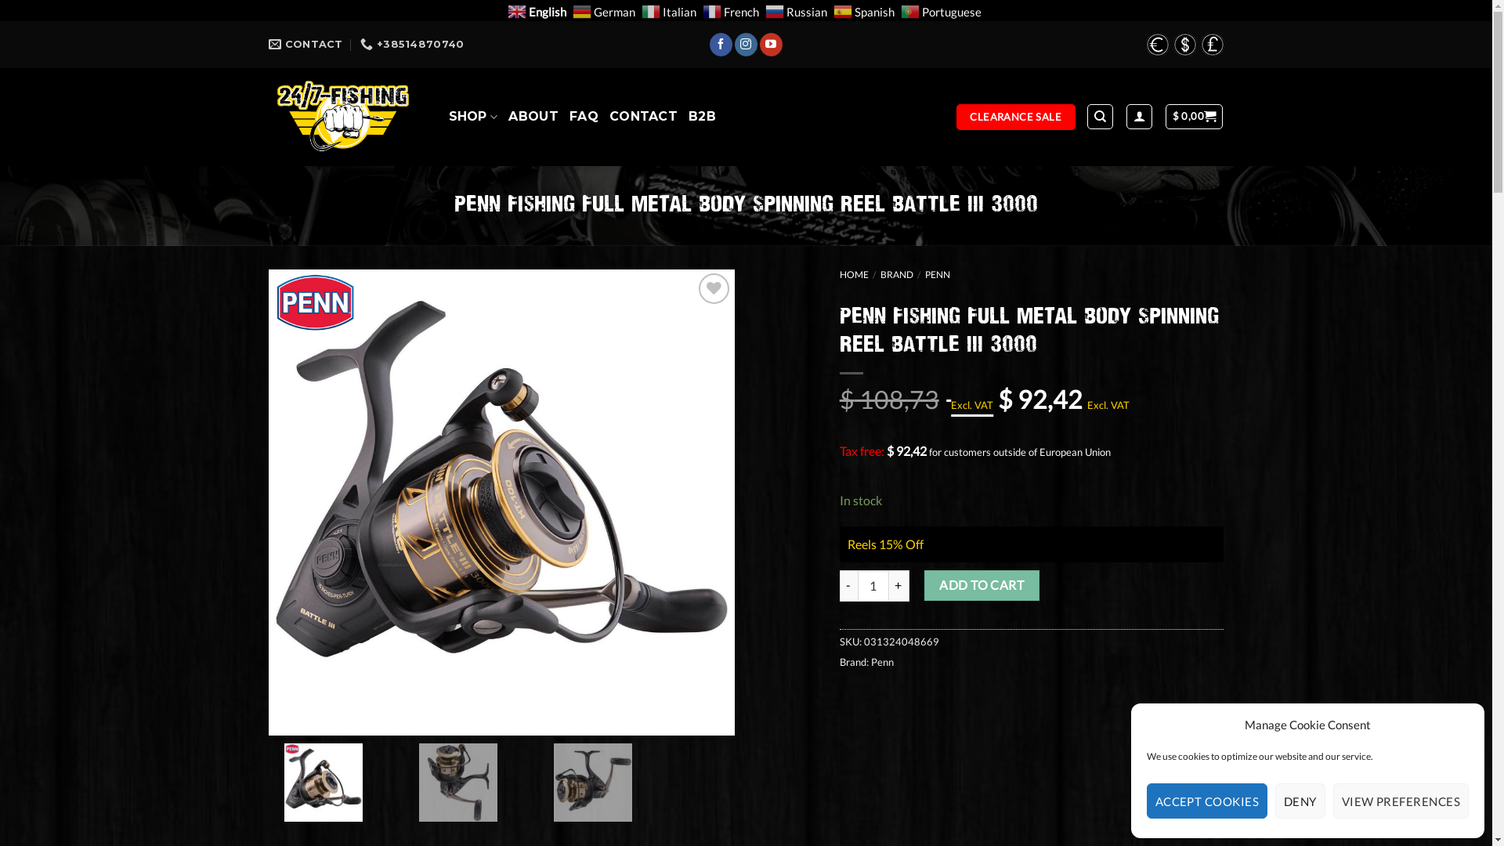 This screenshot has height=846, width=1504. Describe the element at coordinates (771, 44) in the screenshot. I see `'Follow on YouTube'` at that location.